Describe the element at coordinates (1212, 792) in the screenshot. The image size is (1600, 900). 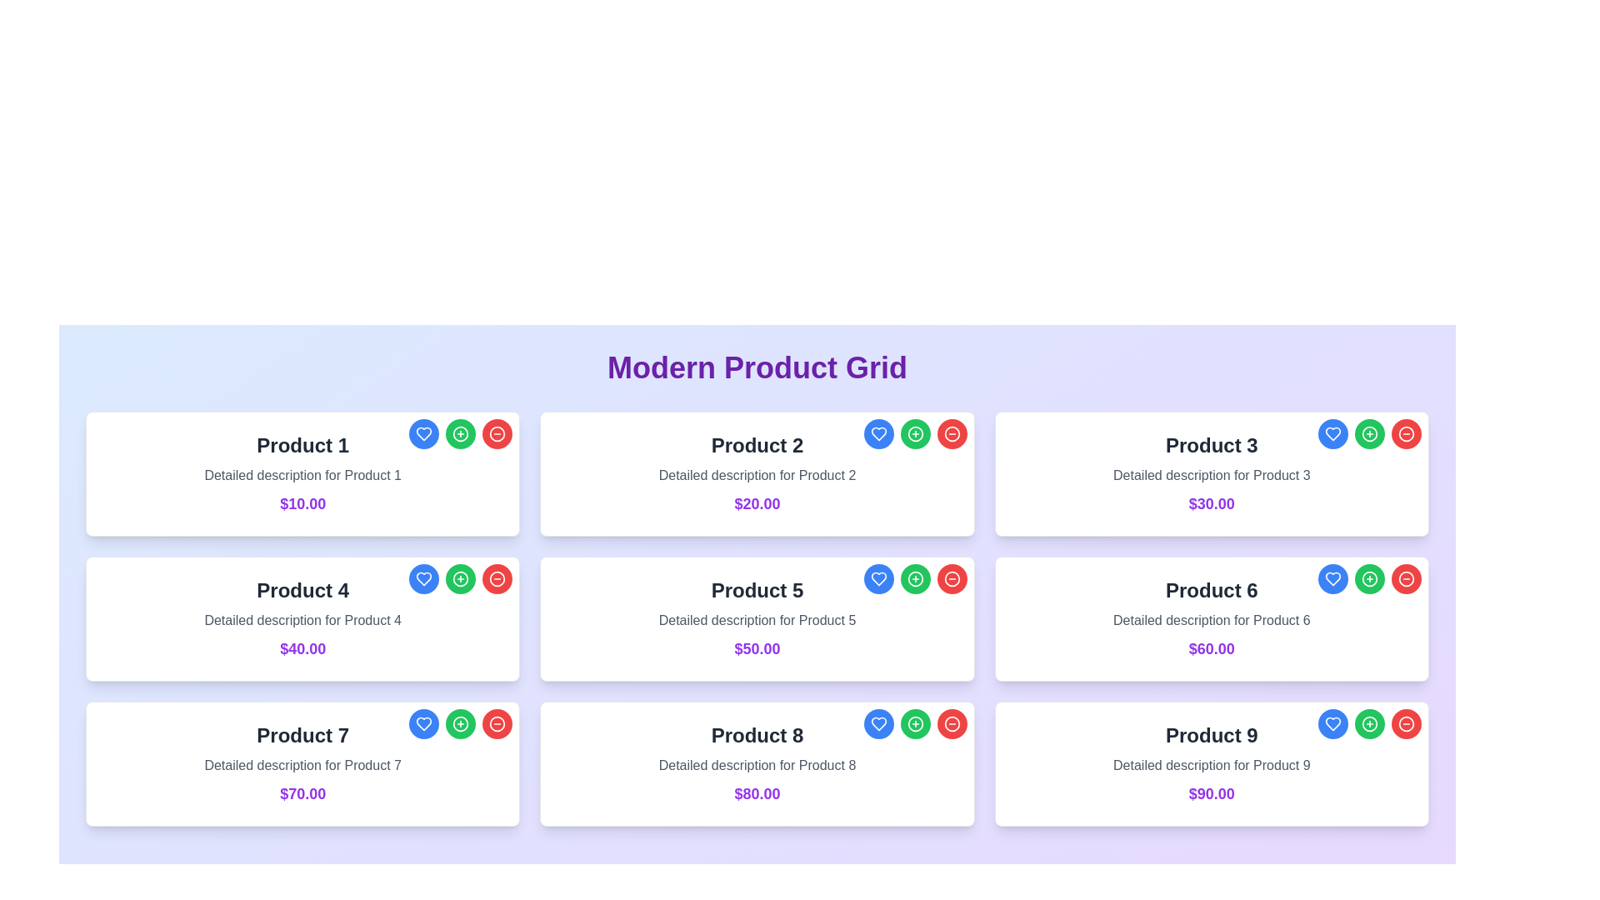
I see `the price text label located at the bottom of the 'Product 9' card component, which displays the product's cost` at that location.